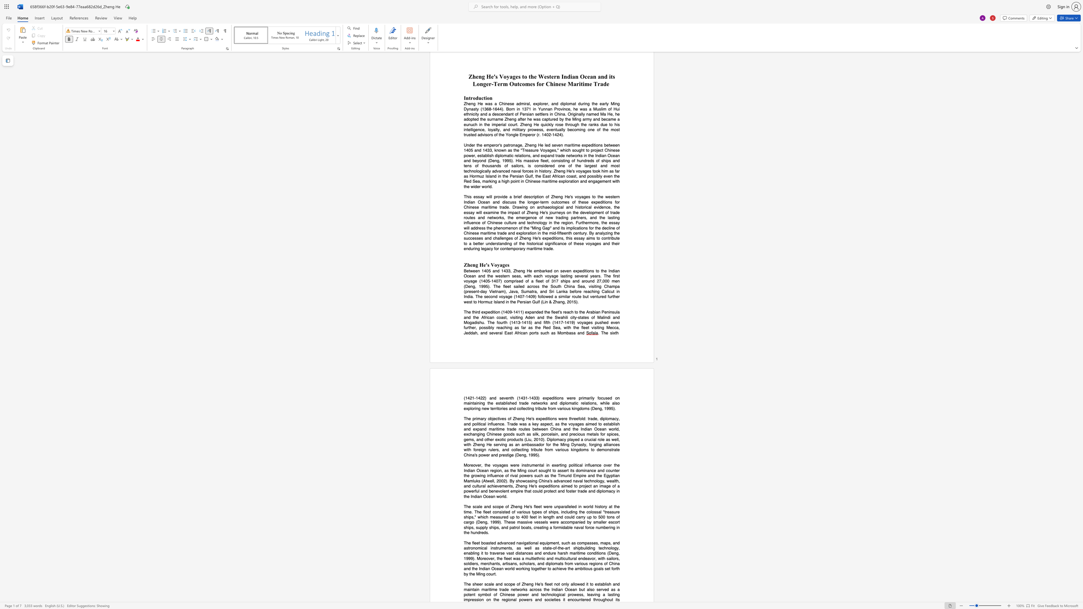 Image resolution: width=1083 pixels, height=609 pixels. I want to click on the subset text "red" within the text "encountered", so click(584, 599).